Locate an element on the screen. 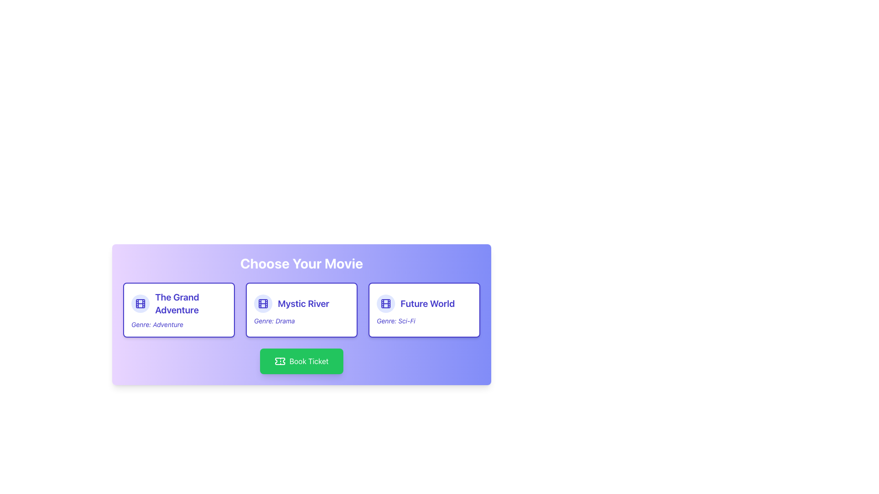 Image resolution: width=879 pixels, height=494 pixels. the decorative part of the movie reel icon located in the rightmost card under the 'Choose Your Movie' header, positioned above the text 'Future World' and 'Genre: Sci-Fi' is located at coordinates (386, 303).